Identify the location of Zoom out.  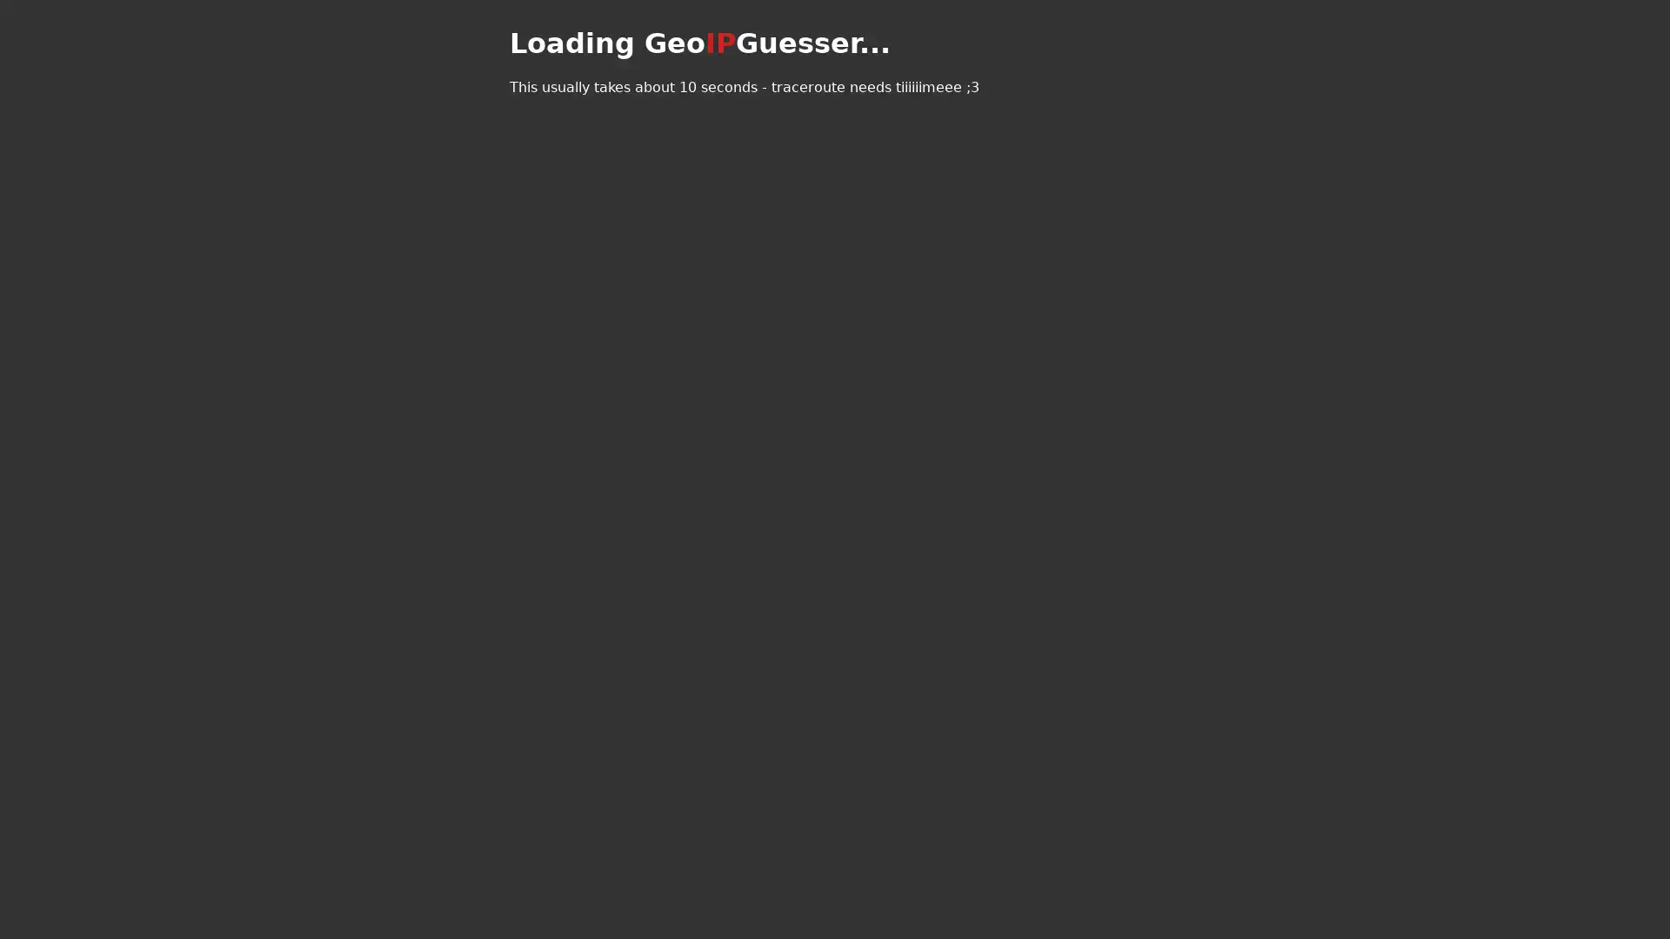
(524, 56).